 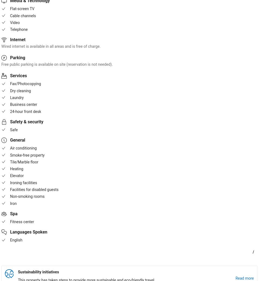 What do you see at coordinates (244, 277) in the screenshot?
I see `'Read more'` at bounding box center [244, 277].